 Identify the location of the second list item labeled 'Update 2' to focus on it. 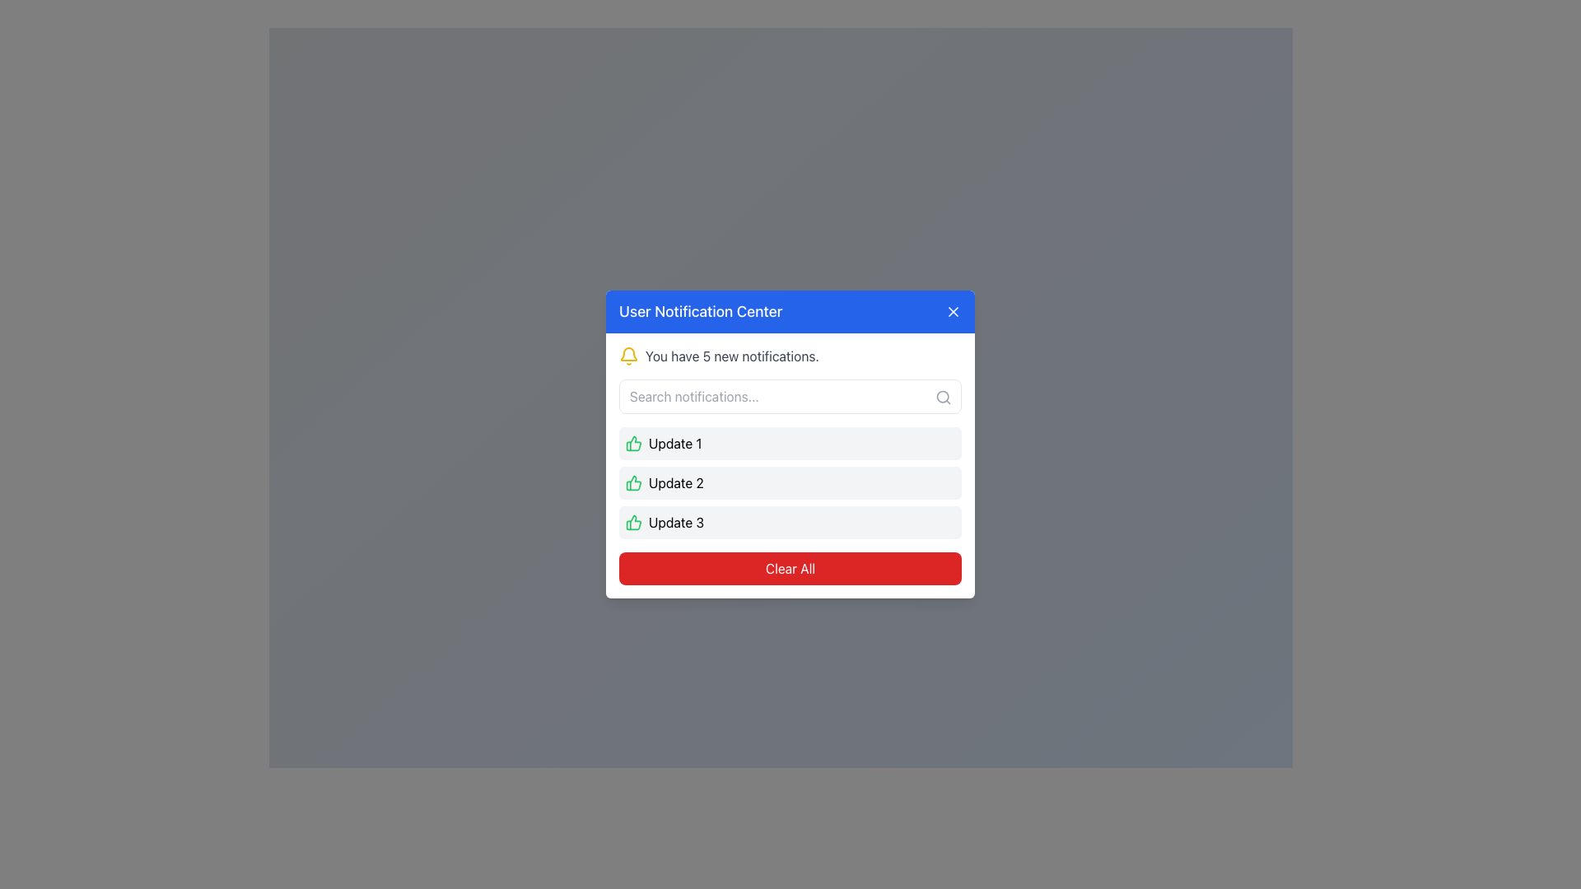
(790, 482).